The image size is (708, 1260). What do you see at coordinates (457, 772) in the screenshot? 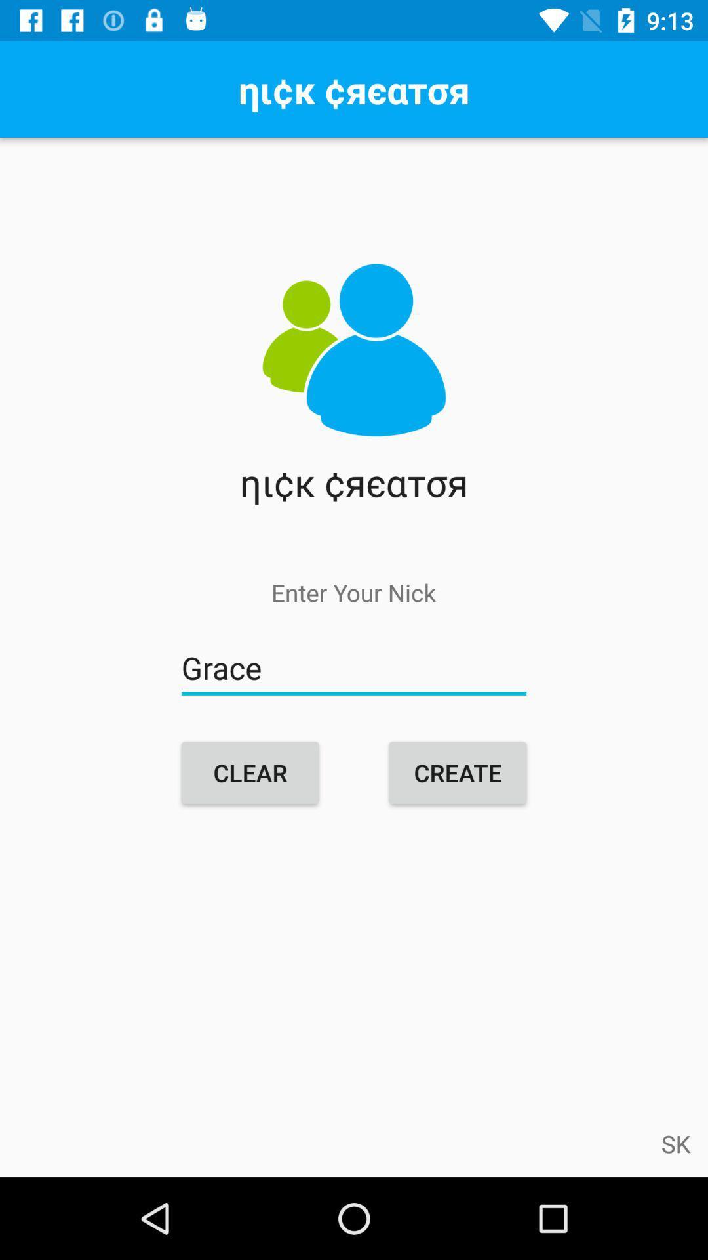
I see `the item to the right of the clear icon` at bounding box center [457, 772].